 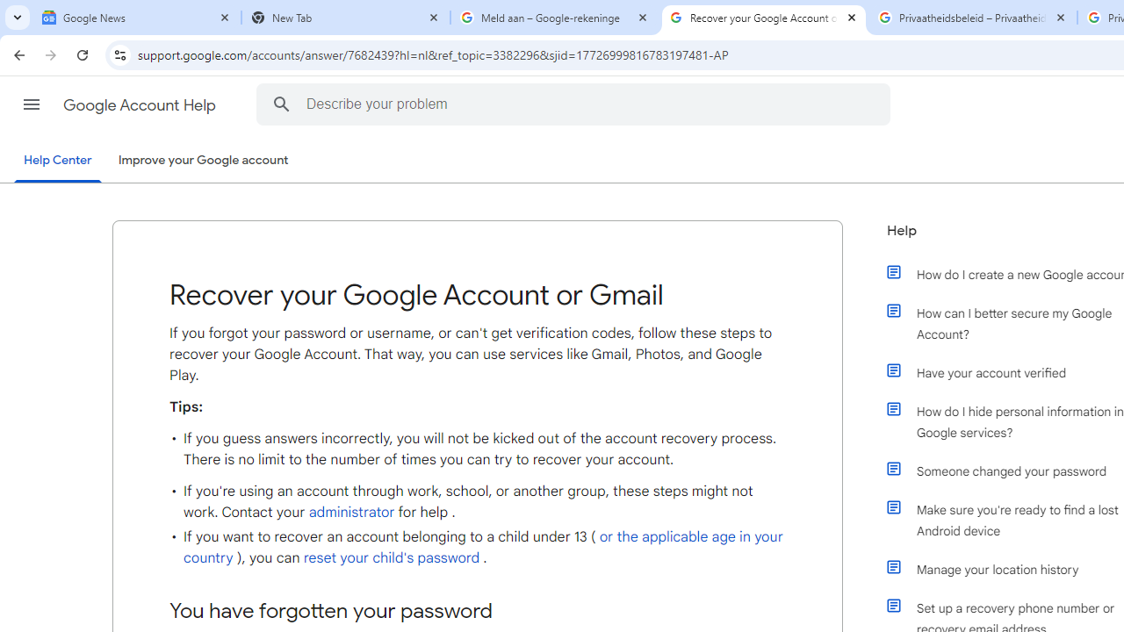 What do you see at coordinates (351, 512) in the screenshot?
I see `'administrator'` at bounding box center [351, 512].